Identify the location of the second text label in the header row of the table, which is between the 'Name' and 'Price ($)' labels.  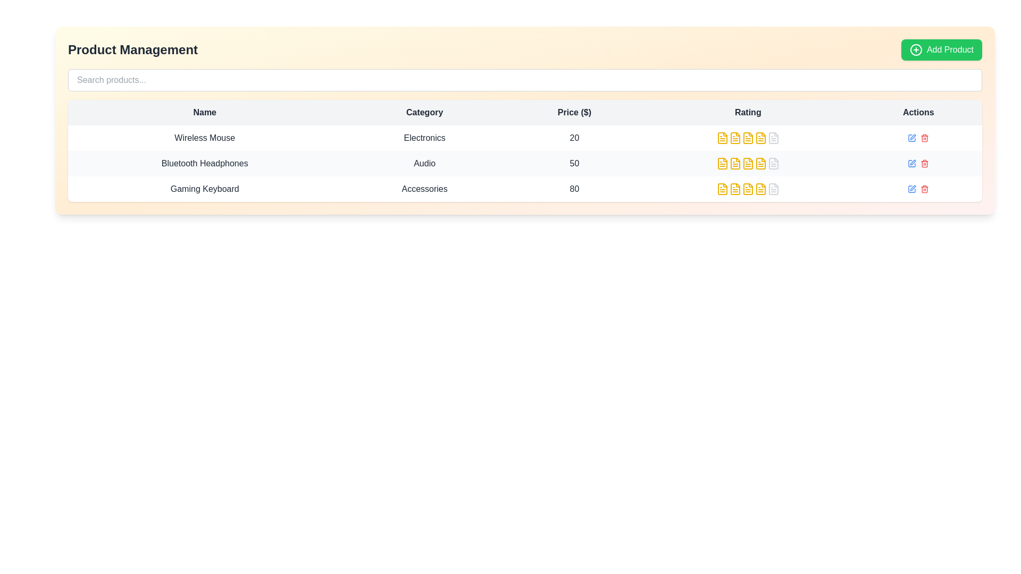
(424, 113).